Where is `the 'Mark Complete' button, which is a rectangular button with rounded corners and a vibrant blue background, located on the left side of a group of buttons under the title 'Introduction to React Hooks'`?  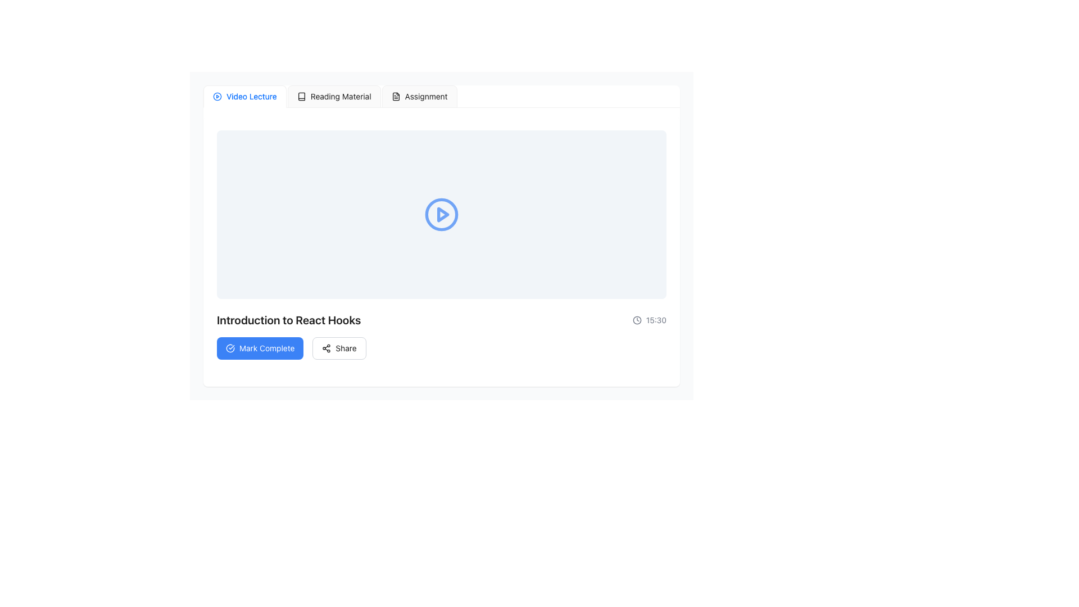 the 'Mark Complete' button, which is a rectangular button with rounded corners and a vibrant blue background, located on the left side of a group of buttons under the title 'Introduction to React Hooks' is located at coordinates (260, 348).